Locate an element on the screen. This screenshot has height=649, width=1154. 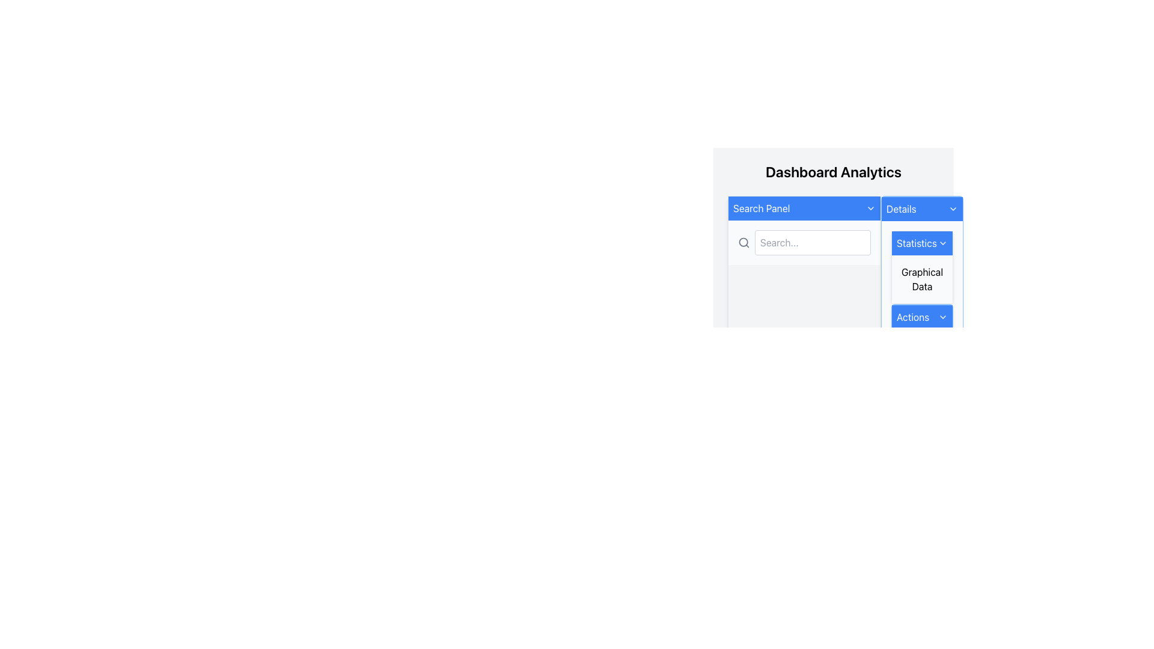
the small downward-pointing chevron icon outlined in blue next to the 'Statistics' label is located at coordinates (942, 243).